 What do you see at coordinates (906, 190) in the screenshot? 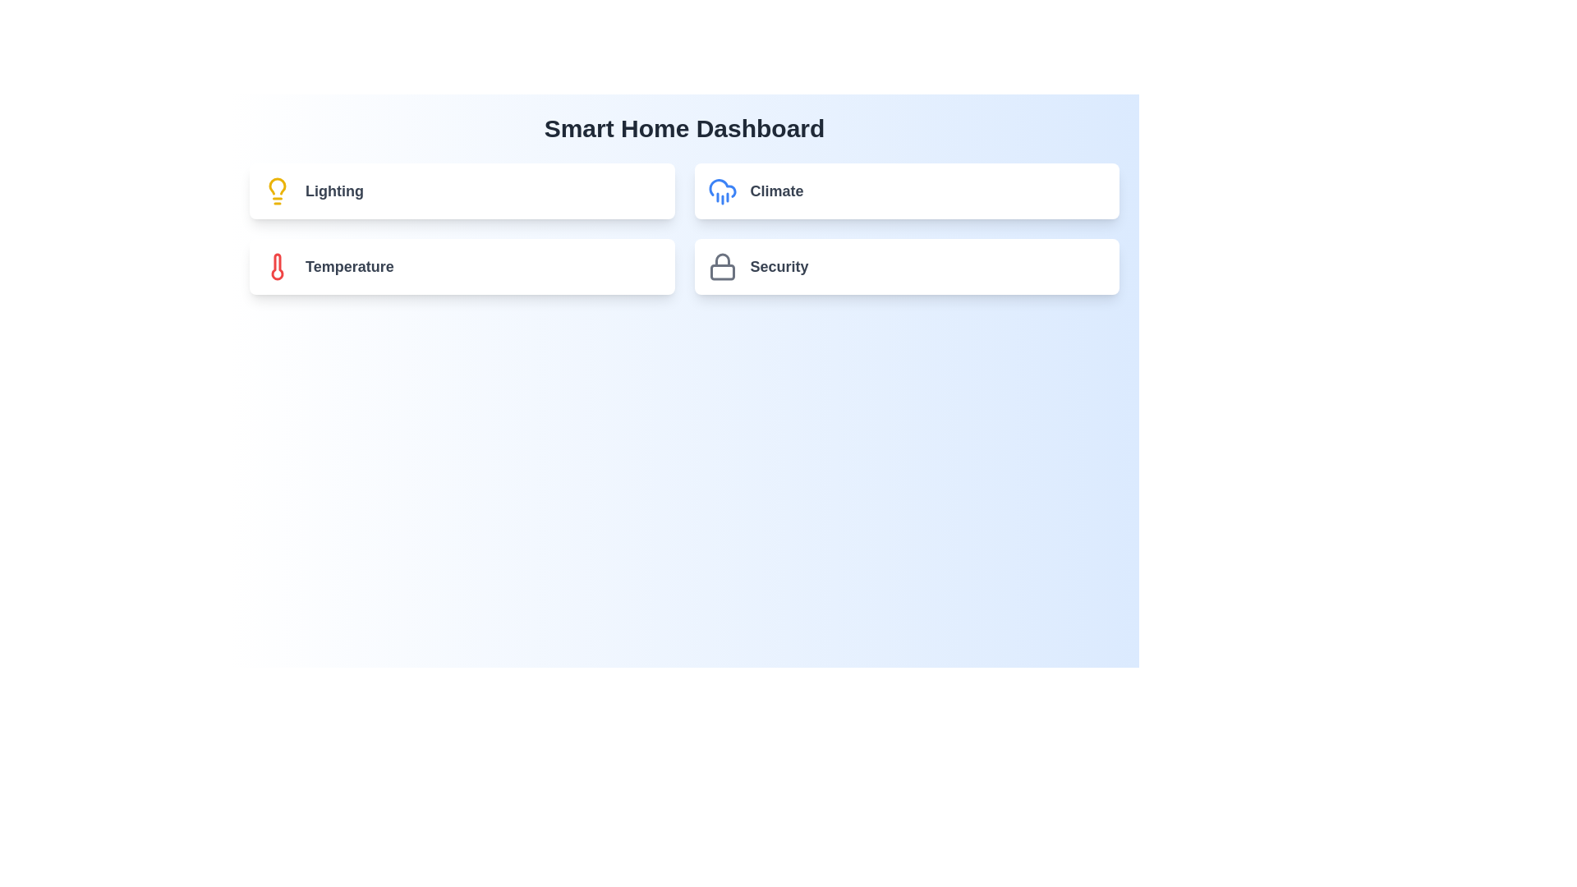
I see `the 'Climate' button located` at bounding box center [906, 190].